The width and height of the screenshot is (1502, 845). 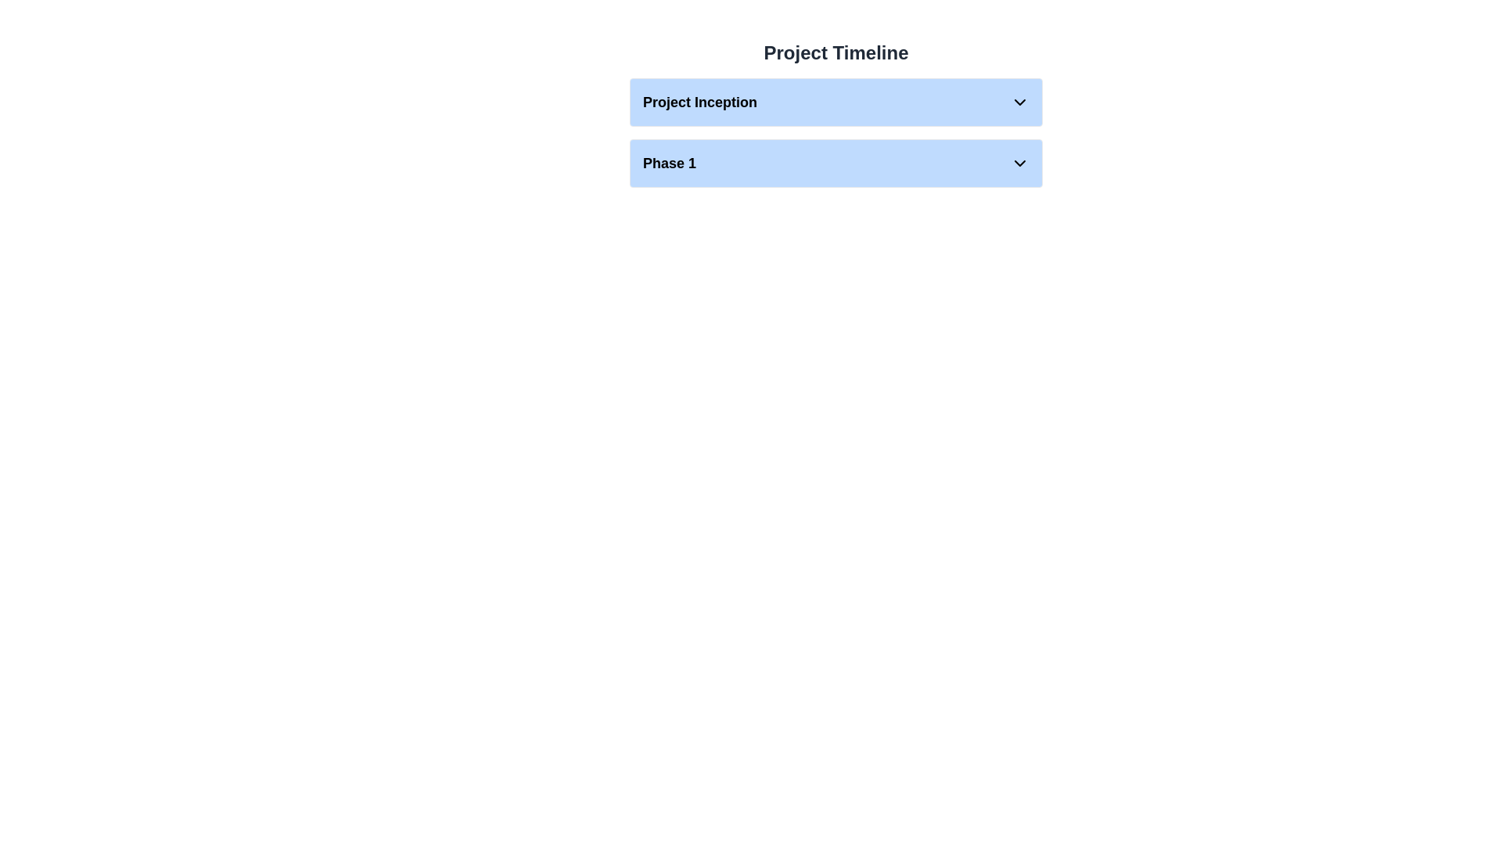 I want to click on the downward-pointing chevron icon located to the right of the 'Phase 1' text, so click(x=1020, y=163).